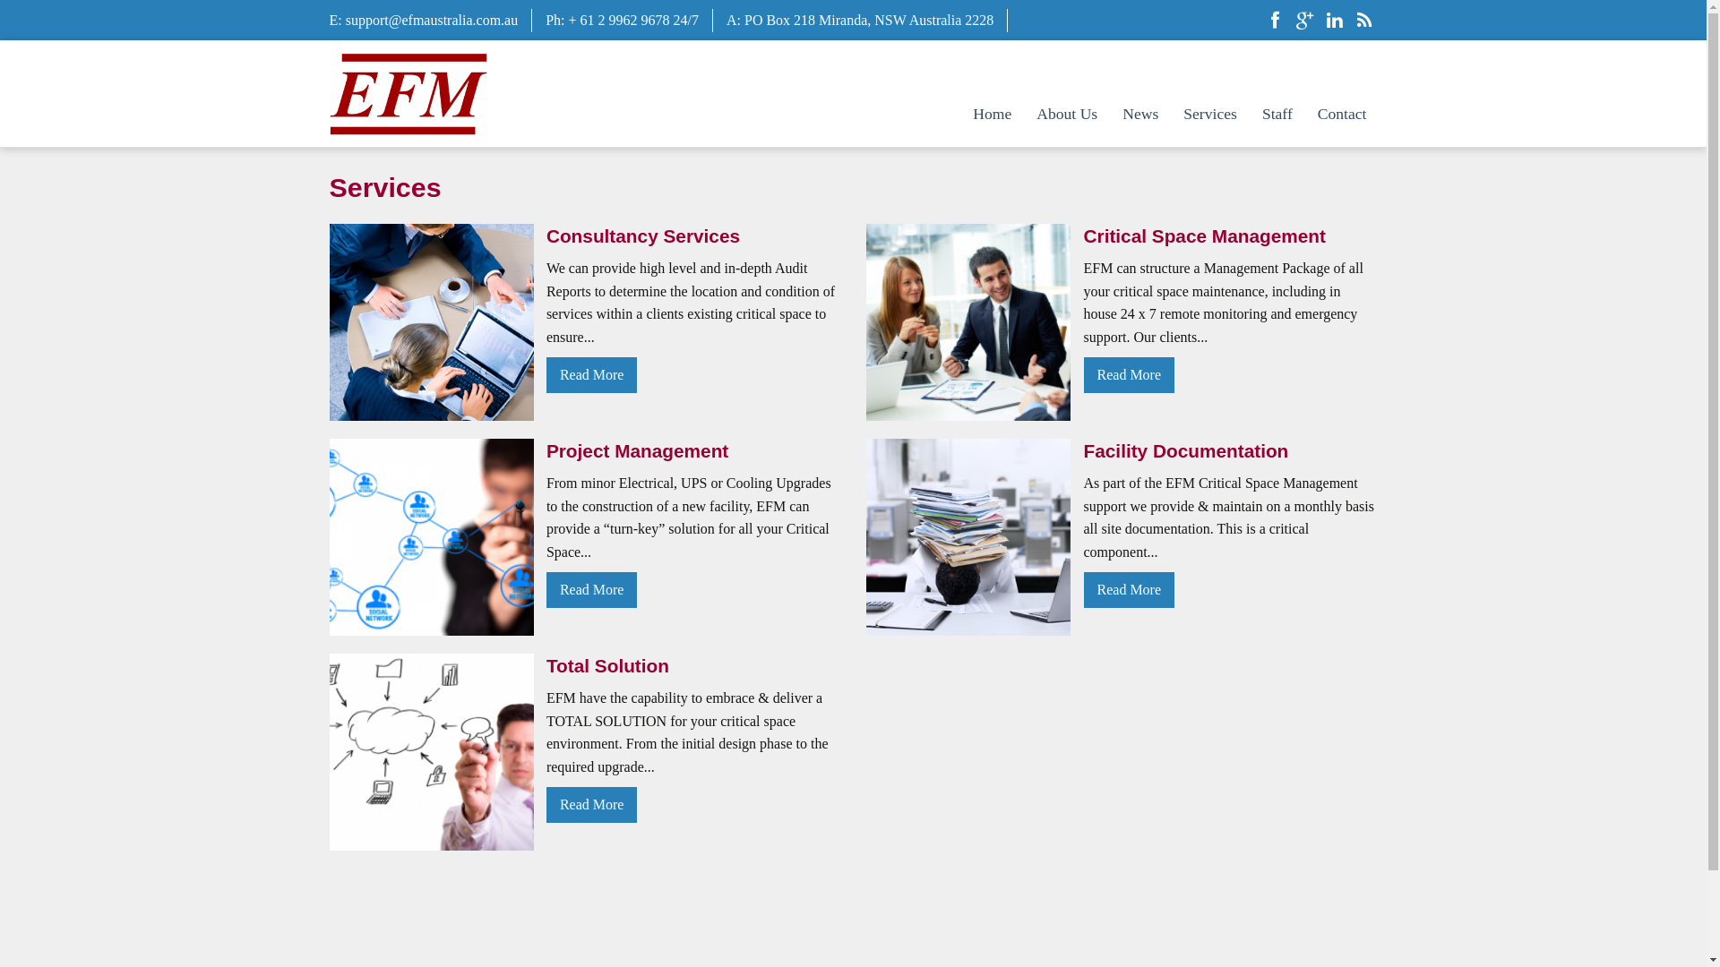  Describe the element at coordinates (545, 589) in the screenshot. I see `'Read More'` at that location.